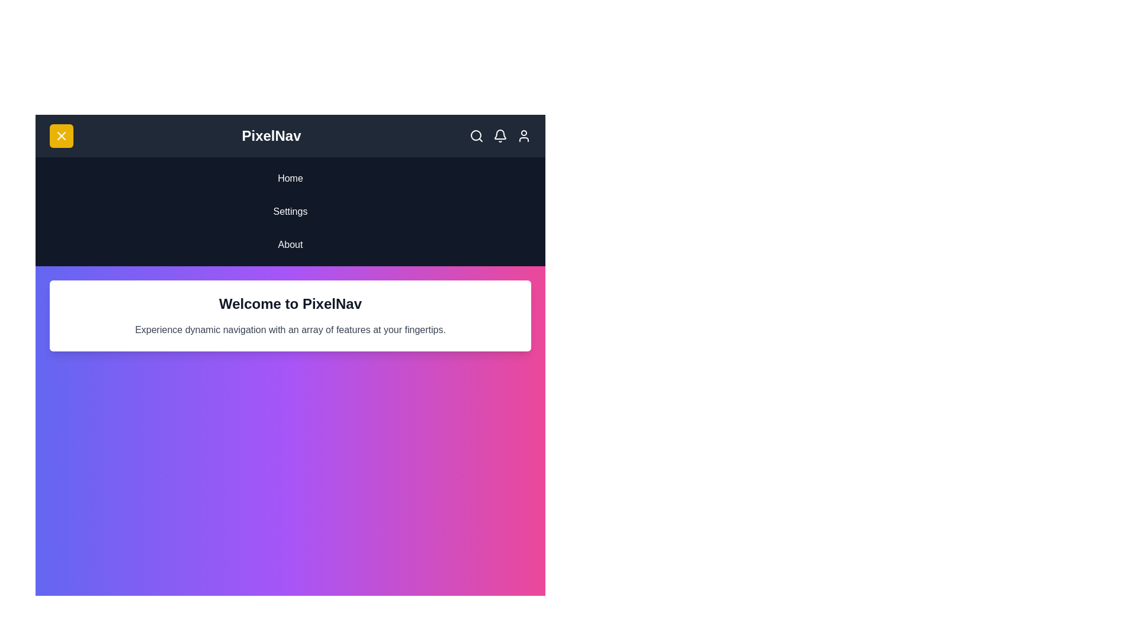 The image size is (1137, 639). What do you see at coordinates (523, 135) in the screenshot?
I see `the 'User' icon to open the user menu` at bounding box center [523, 135].